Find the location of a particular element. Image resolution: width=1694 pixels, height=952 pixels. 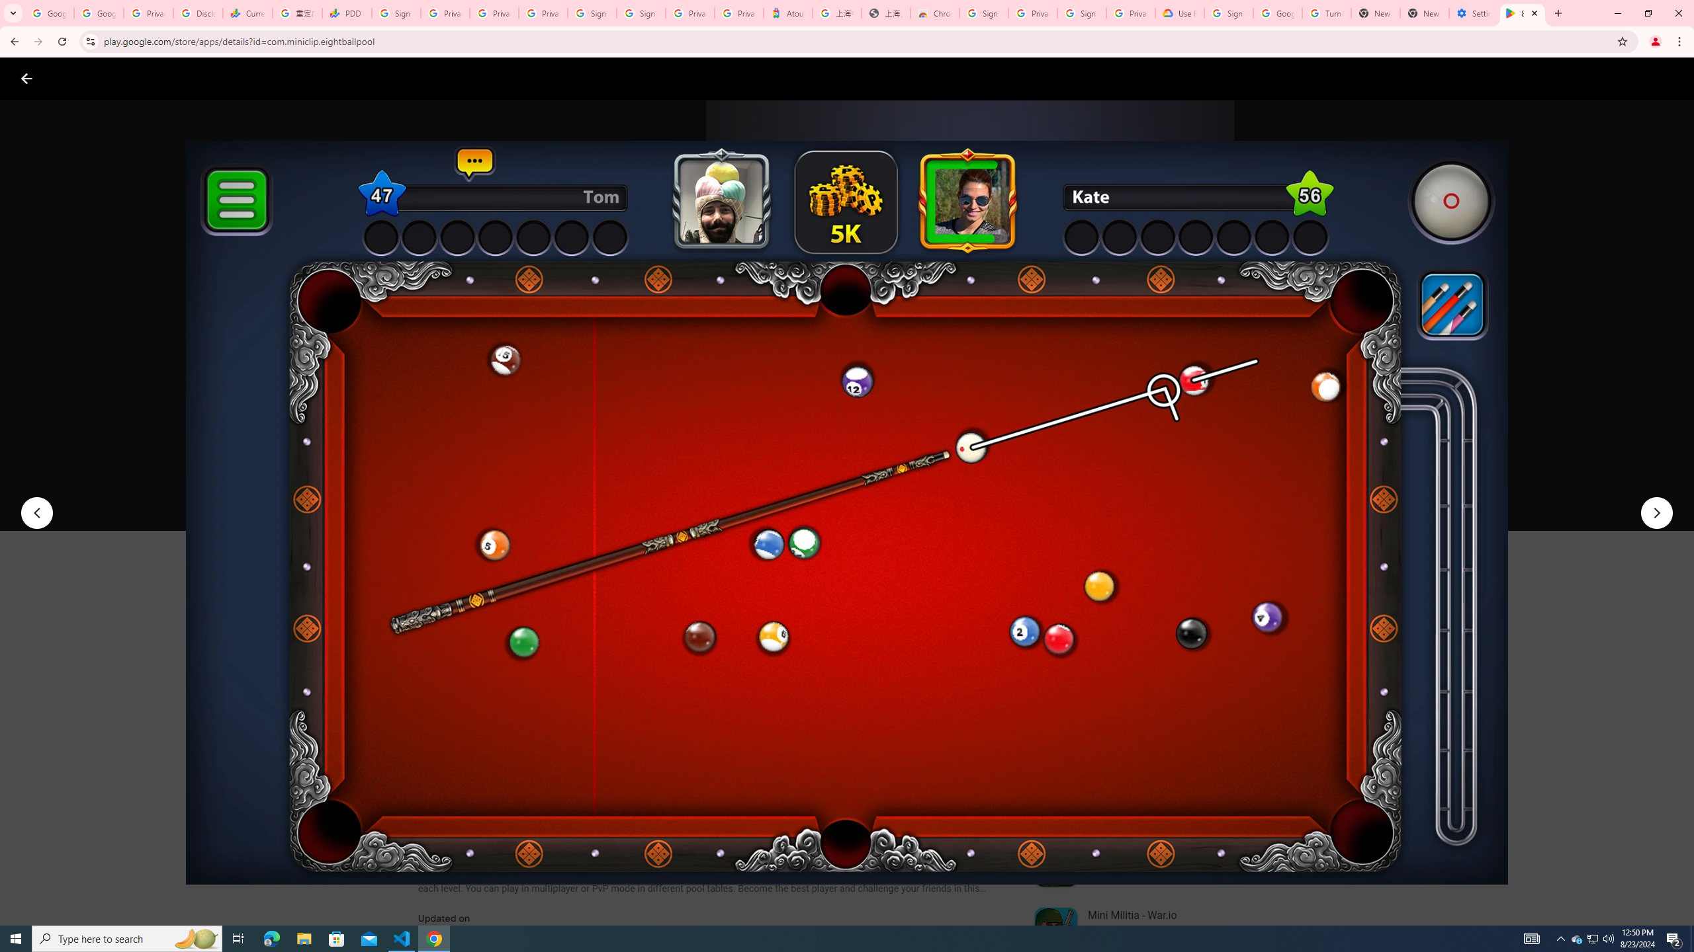

'Open account menu' is located at coordinates (1670, 78).